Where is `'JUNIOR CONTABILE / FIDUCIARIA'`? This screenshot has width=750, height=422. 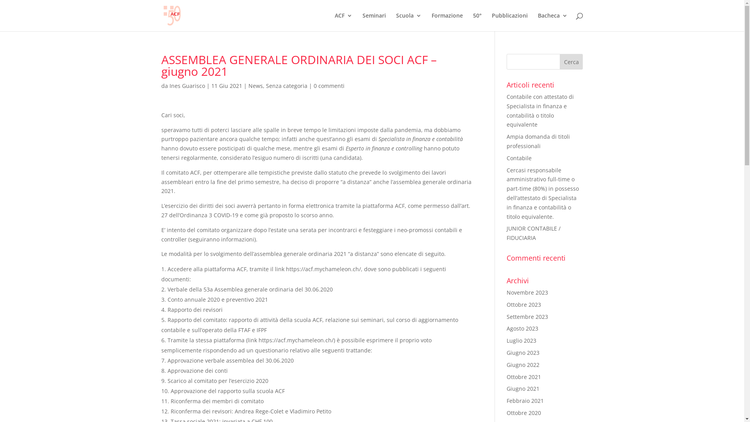
'JUNIOR CONTABILE / FIDUCIARIA' is located at coordinates (533, 232).